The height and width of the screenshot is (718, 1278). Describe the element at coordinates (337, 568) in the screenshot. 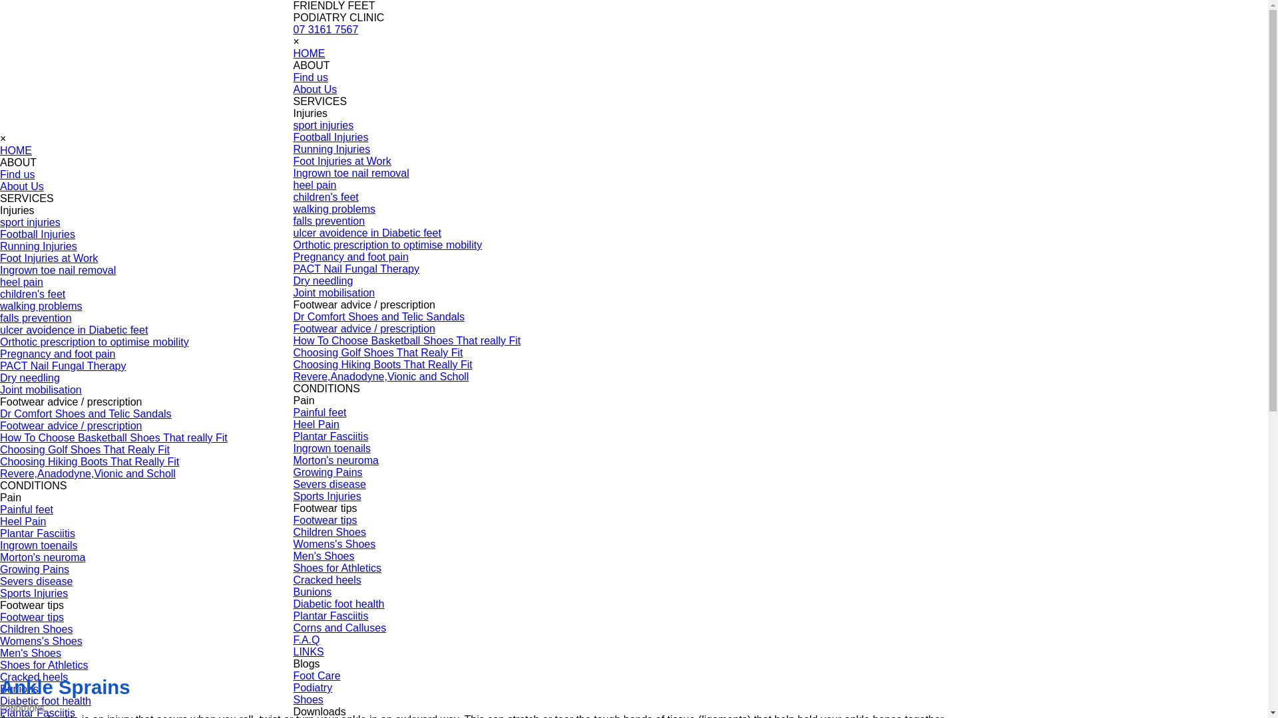

I see `'Shoes for Athletics'` at that location.